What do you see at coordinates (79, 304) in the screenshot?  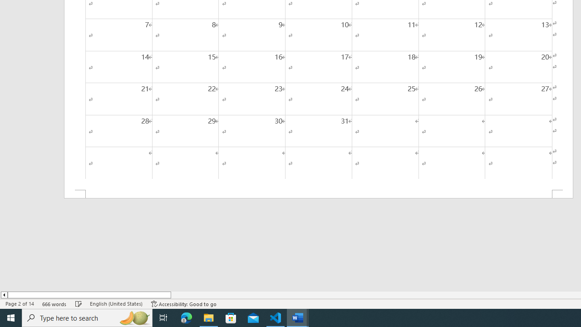 I see `'Spelling and Grammar Check Checking'` at bounding box center [79, 304].